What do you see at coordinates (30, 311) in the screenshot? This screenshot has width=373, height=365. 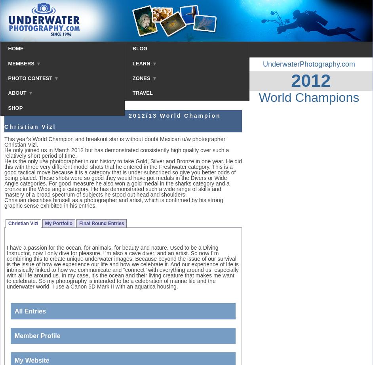 I see `'All Entries'` at bounding box center [30, 311].